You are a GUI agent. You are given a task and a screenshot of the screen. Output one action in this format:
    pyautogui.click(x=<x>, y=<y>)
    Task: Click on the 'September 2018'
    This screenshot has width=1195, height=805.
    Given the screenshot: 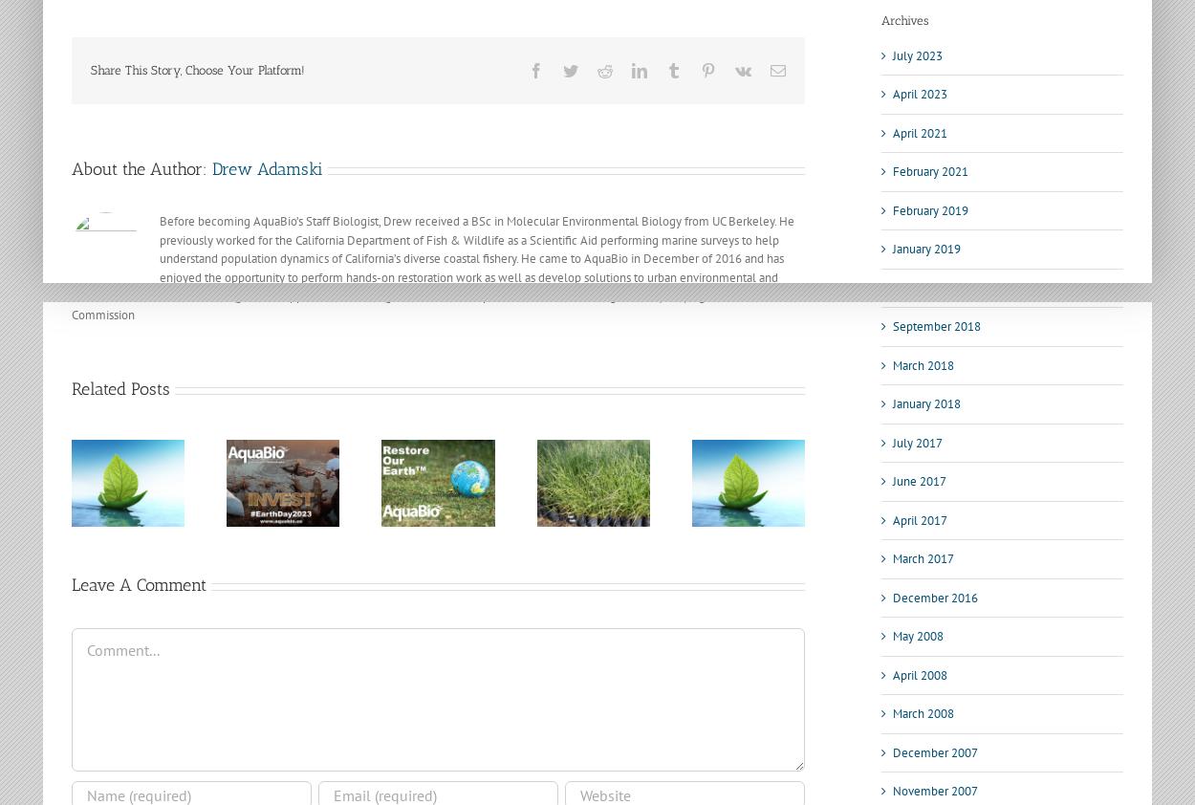 What is the action you would take?
    pyautogui.click(x=936, y=326)
    